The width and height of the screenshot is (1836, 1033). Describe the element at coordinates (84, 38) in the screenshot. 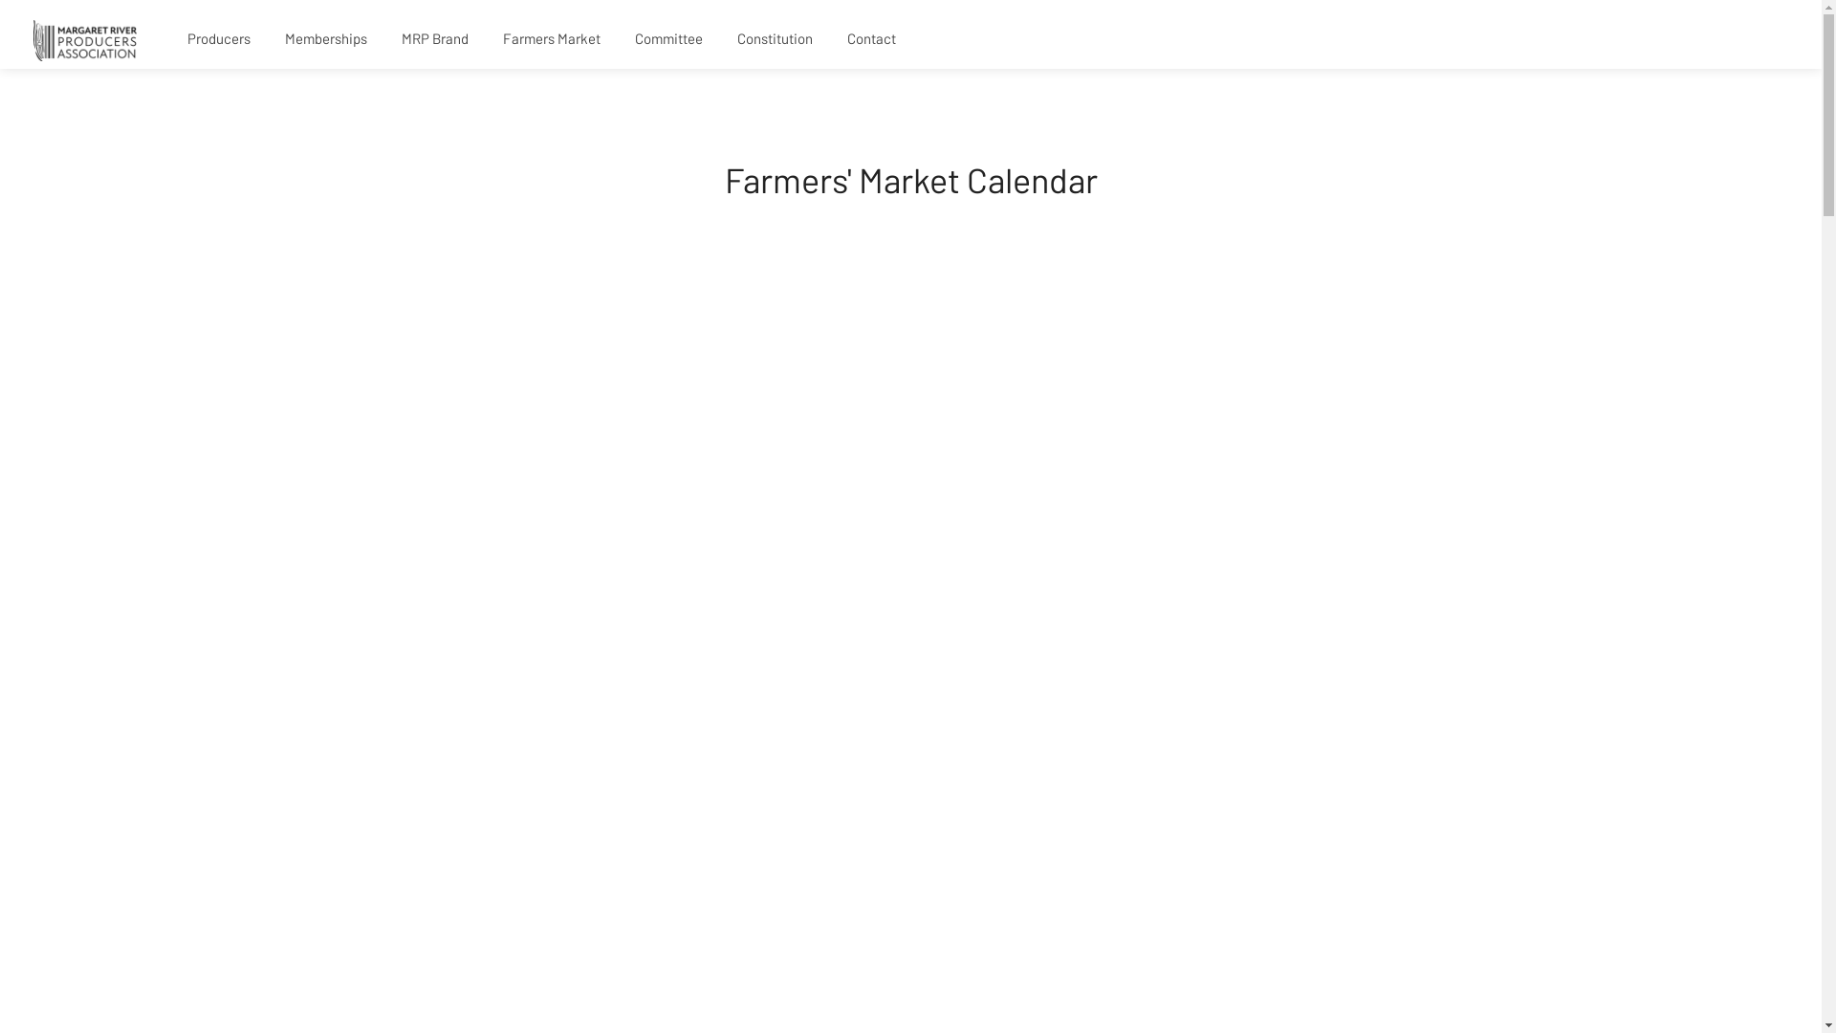

I see `'Margaret River Producers Association'` at that location.